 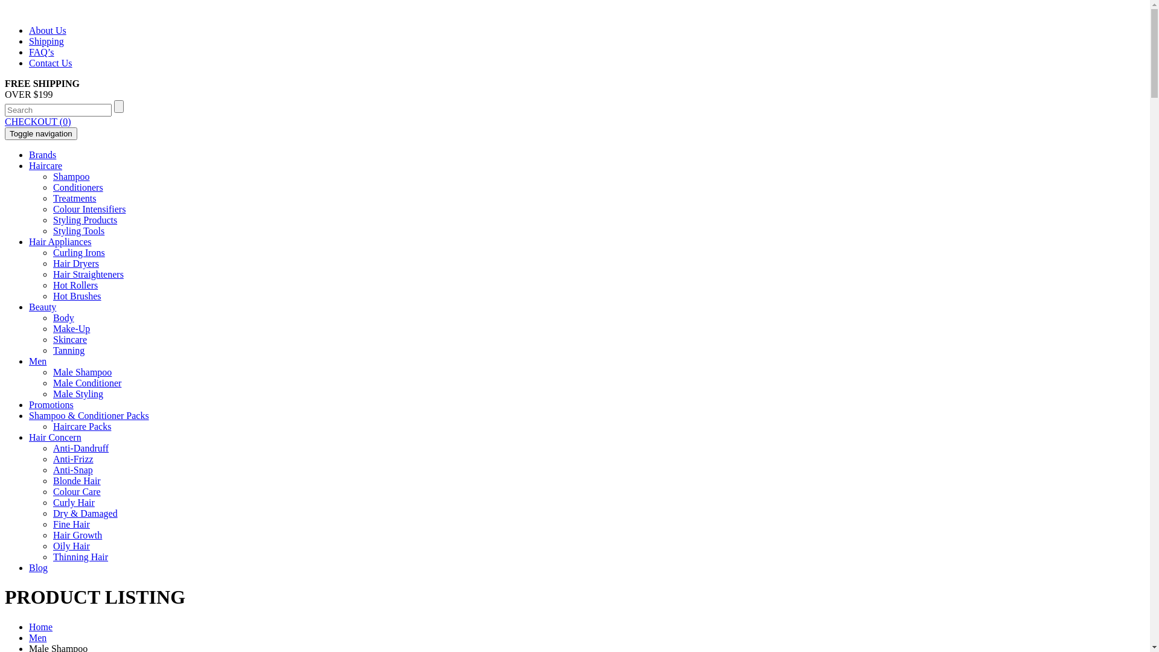 What do you see at coordinates (54, 437) in the screenshot?
I see `'Hair Concern'` at bounding box center [54, 437].